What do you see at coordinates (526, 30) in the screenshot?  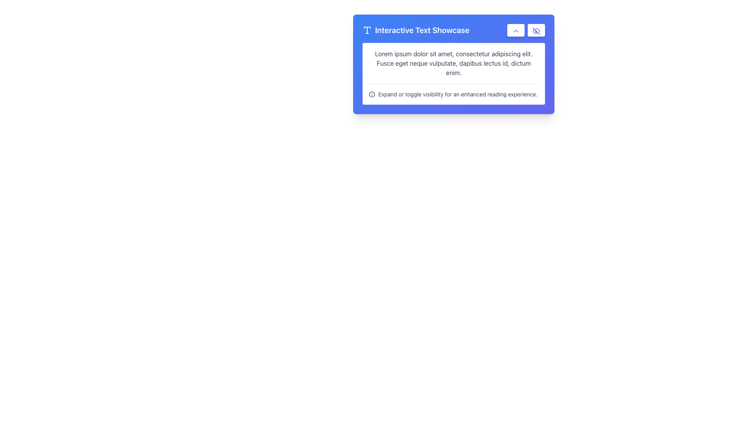 I see `the eye symbol button with a slash through it in the Grouped interactive icons located in the upper-right corner of the 'Interactive Text Showcase' header section` at bounding box center [526, 30].